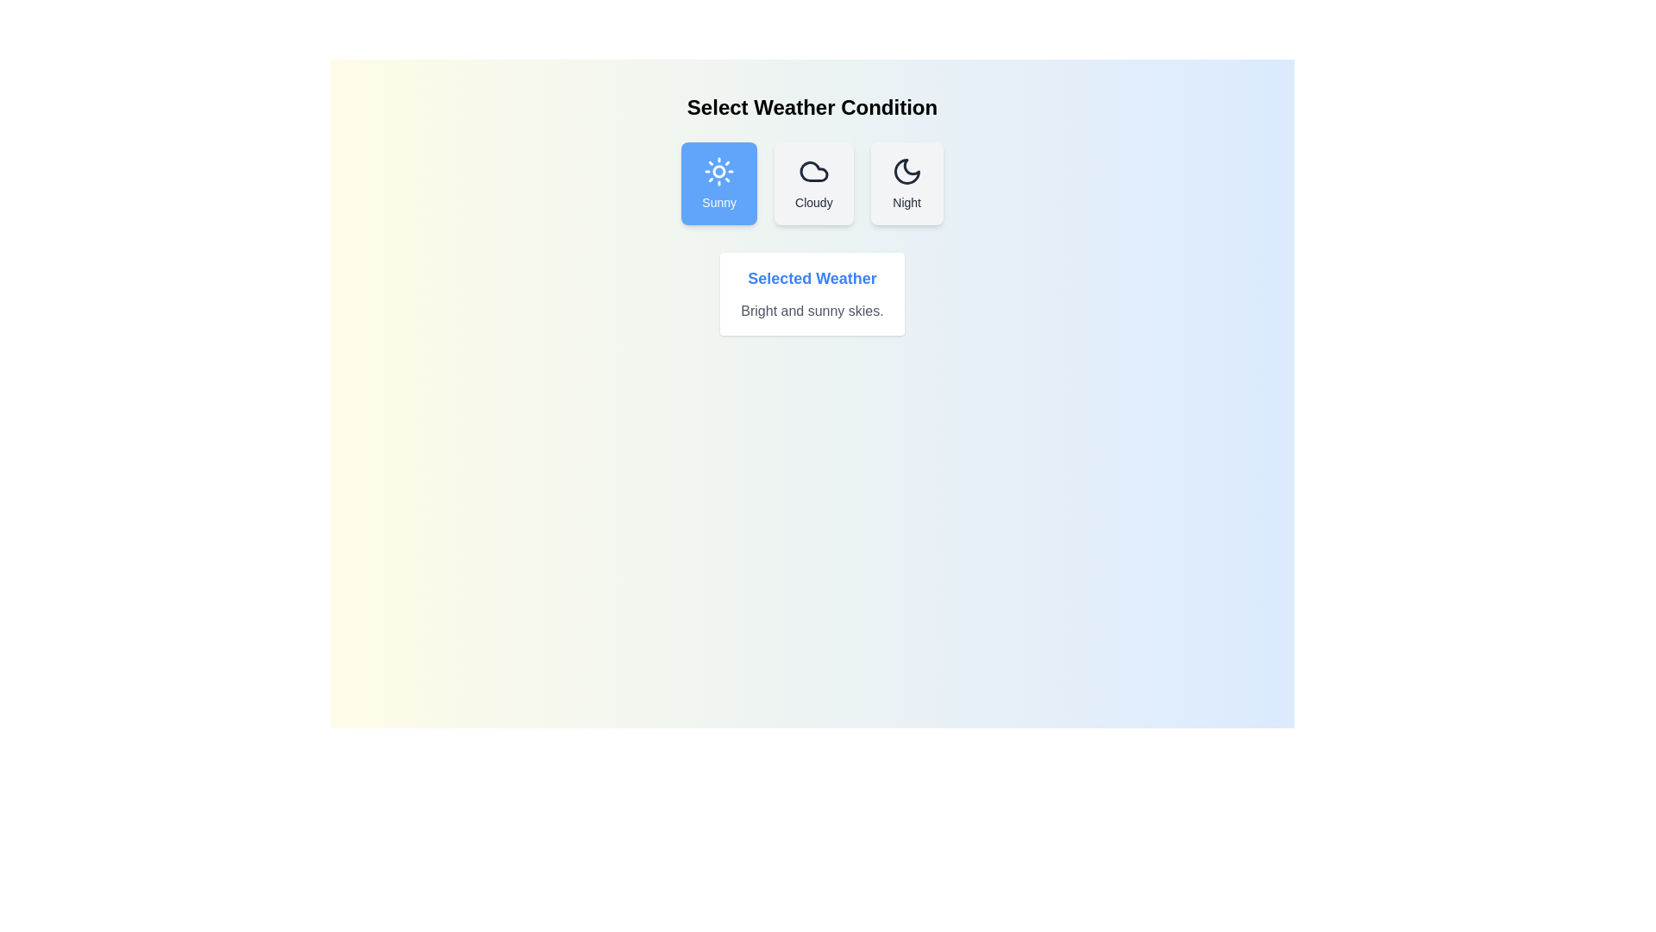 The height and width of the screenshot is (932, 1656). I want to click on the weather condition button corresponding to Cloudy, so click(812, 183).